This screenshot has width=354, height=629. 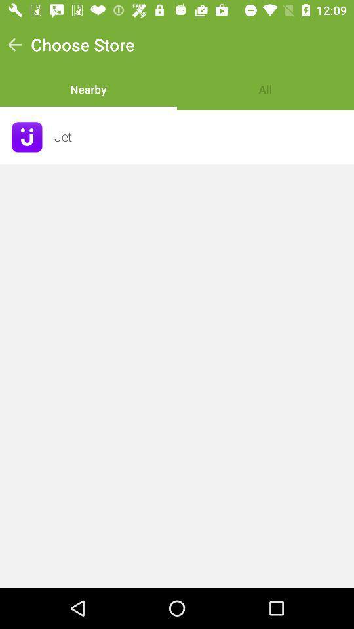 What do you see at coordinates (200, 137) in the screenshot?
I see `jet item` at bounding box center [200, 137].